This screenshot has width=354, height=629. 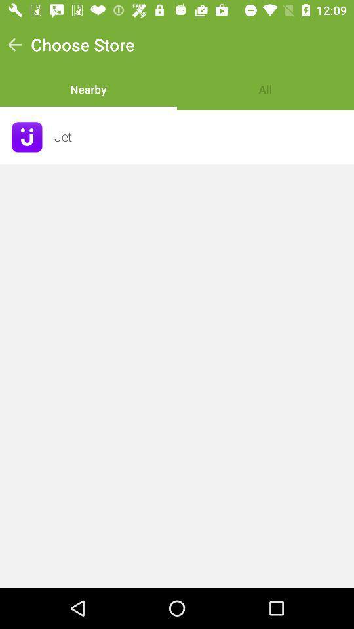 What do you see at coordinates (200, 137) in the screenshot?
I see `jet item` at bounding box center [200, 137].